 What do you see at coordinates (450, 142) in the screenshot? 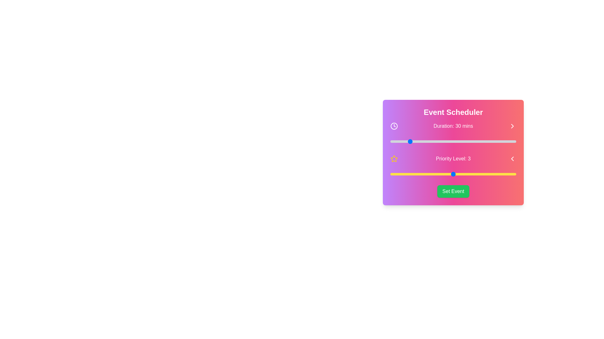
I see `the slider` at bounding box center [450, 142].